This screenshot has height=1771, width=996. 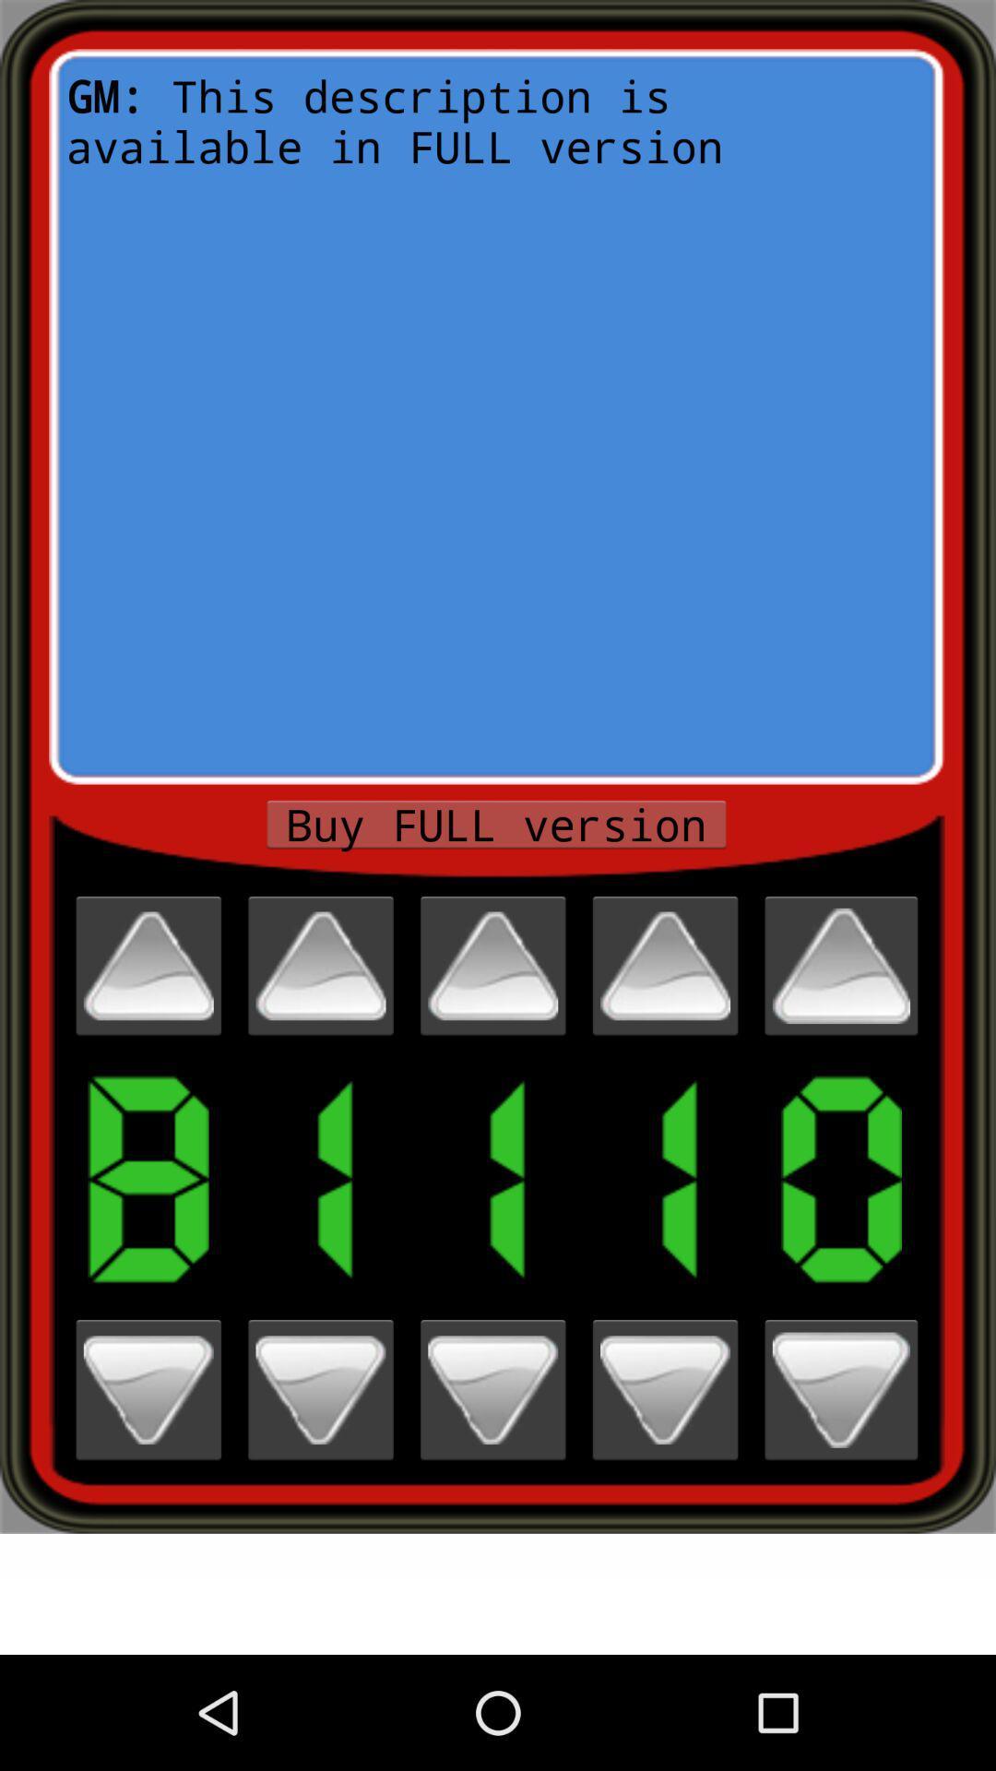 What do you see at coordinates (148, 965) in the screenshot?
I see `shows increase option` at bounding box center [148, 965].